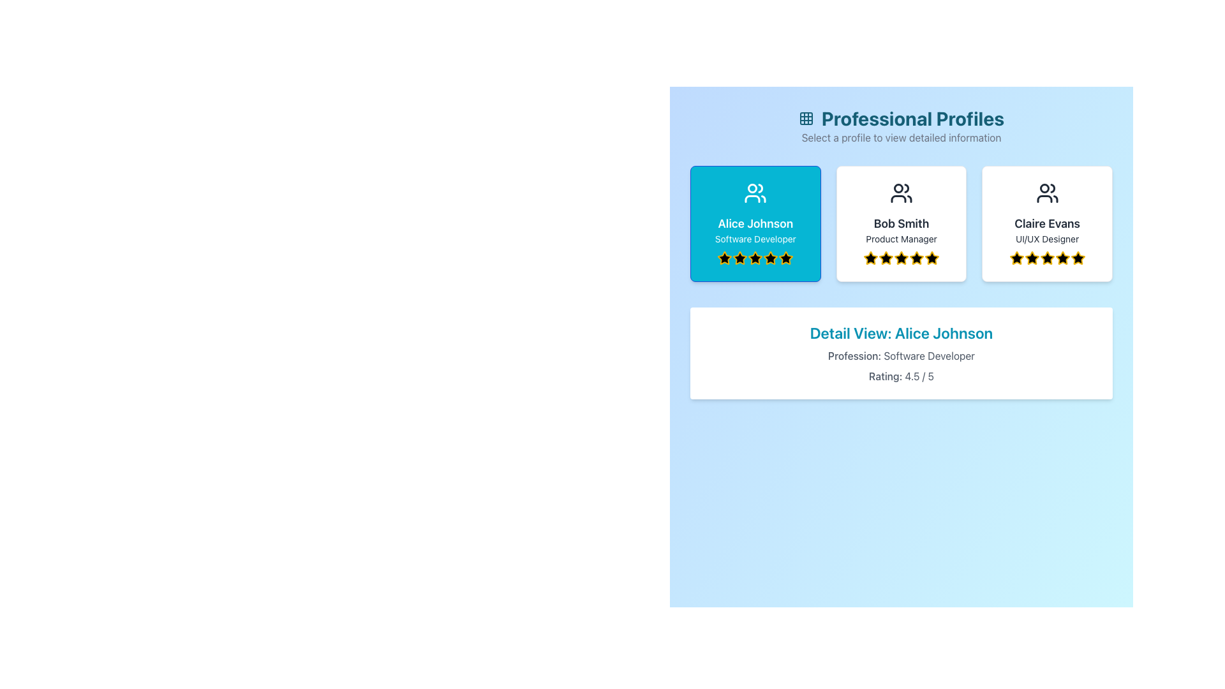 The height and width of the screenshot is (689, 1225). Describe the element at coordinates (1032, 258) in the screenshot. I see `the fourth star icon` at that location.